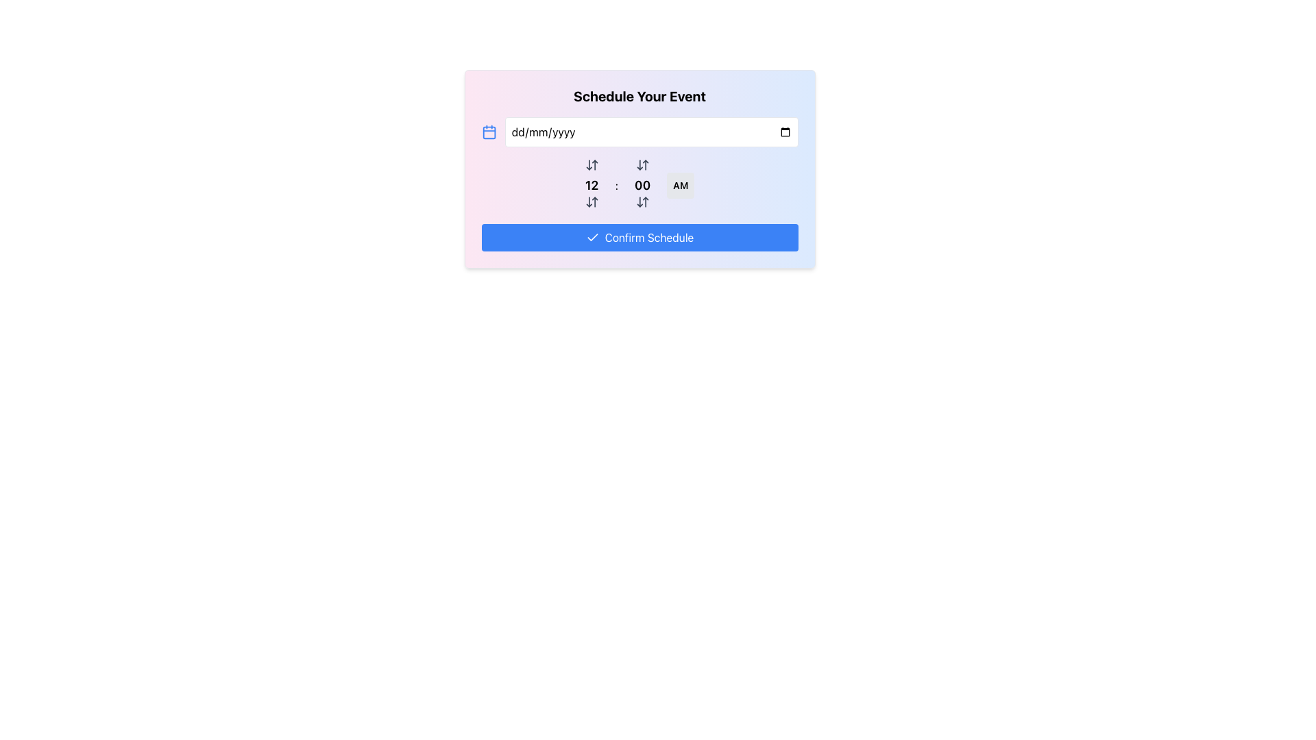 This screenshot has width=1316, height=740. I want to click on the minute value display in the time-selection widget, which is centrally positioned between the hour display and the AM/PM selector, so click(642, 185).